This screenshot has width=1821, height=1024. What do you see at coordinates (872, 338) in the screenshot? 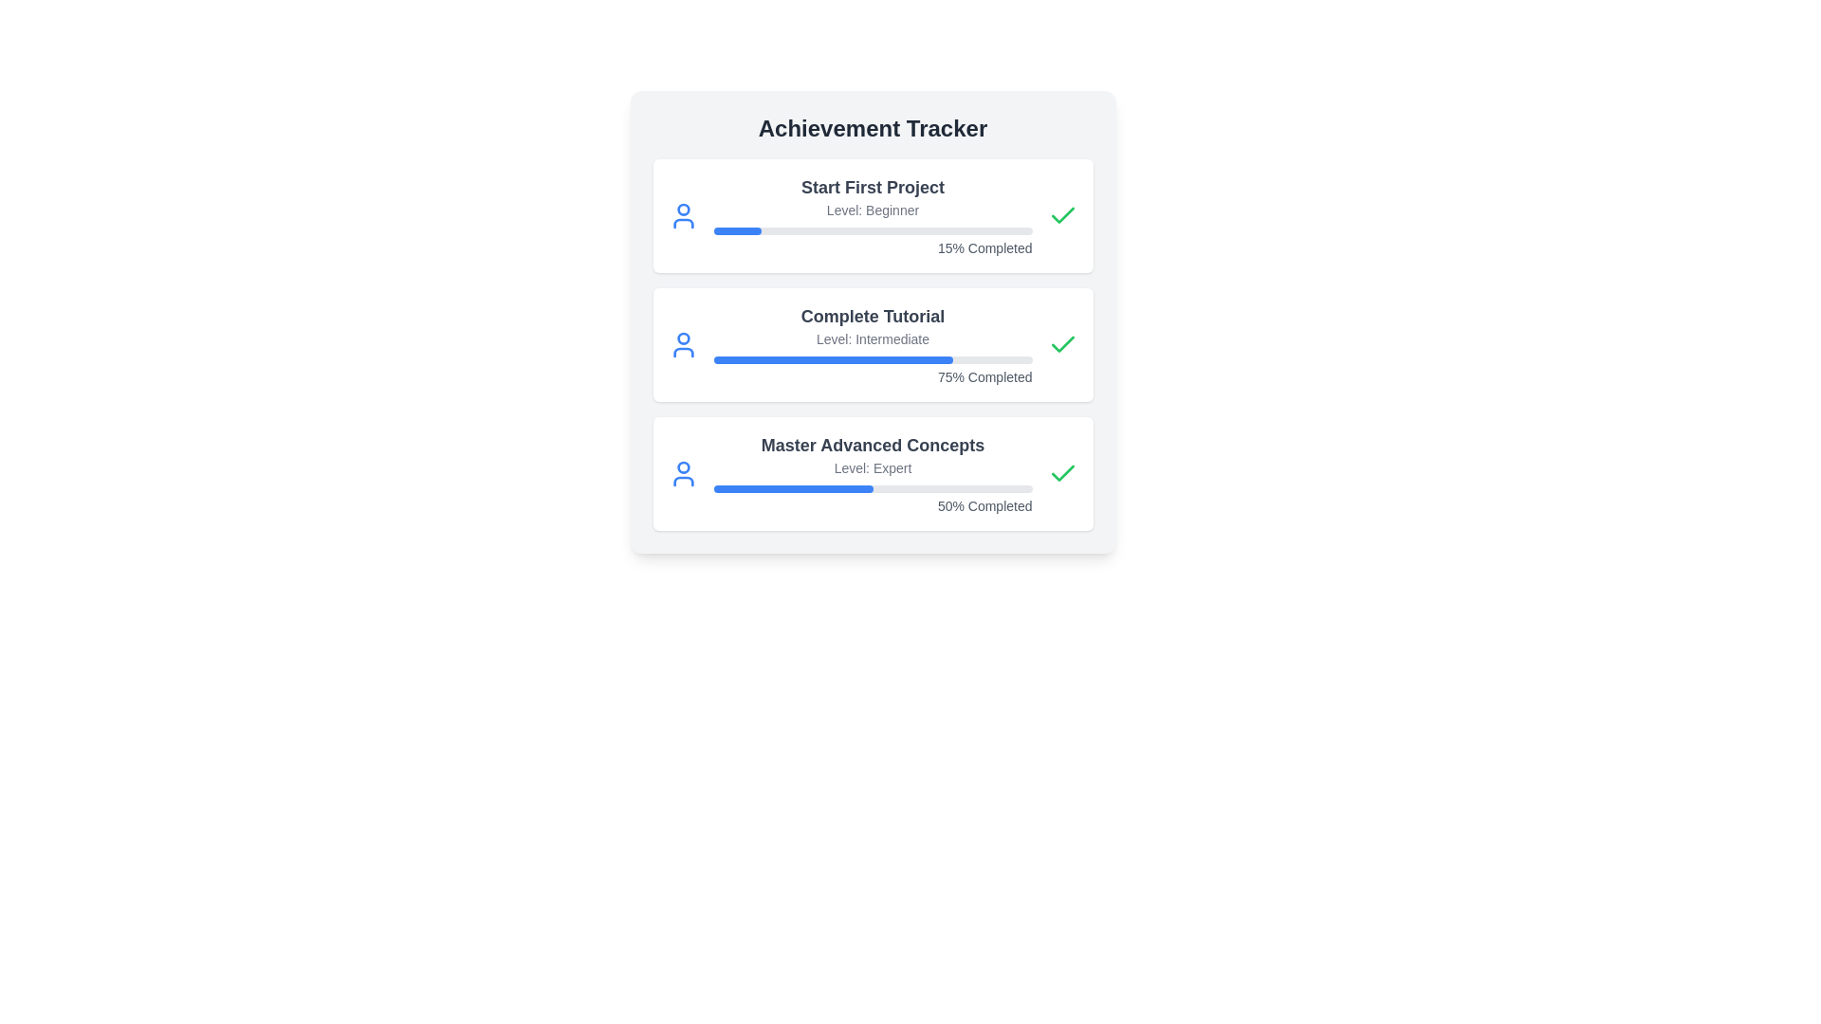
I see `the proficiency level text displaying 'Intermediate' located in the center card of the achievement tracker, positioned beneath the 'Complete Tutorial' heading and above the progress bar` at bounding box center [872, 338].